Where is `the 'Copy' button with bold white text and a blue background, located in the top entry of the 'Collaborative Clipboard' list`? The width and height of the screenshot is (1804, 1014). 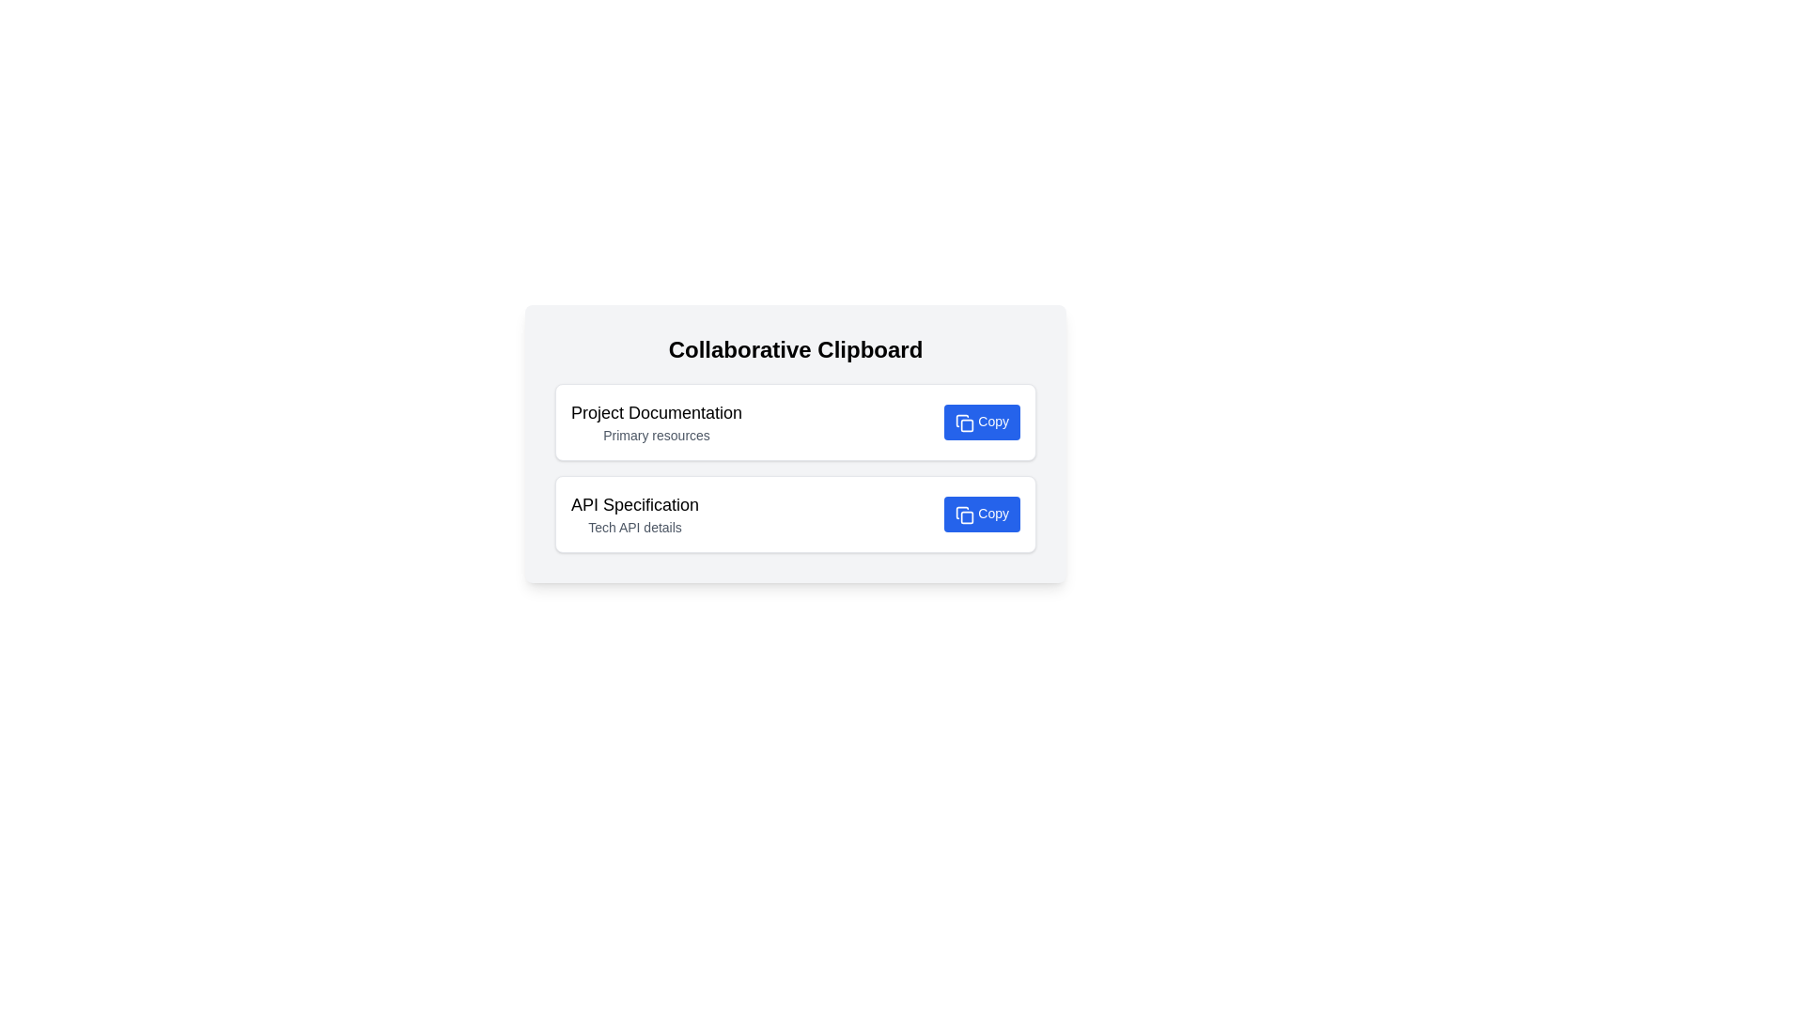 the 'Copy' button with bold white text and a blue background, located in the top entry of the 'Collaborative Clipboard' list is located at coordinates (981, 422).